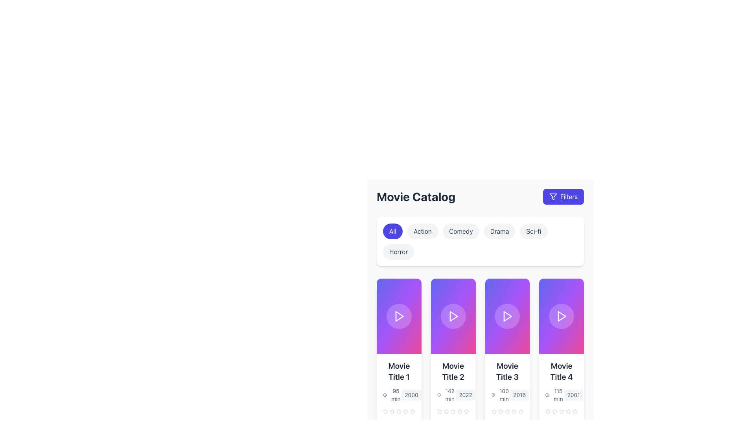 The height and width of the screenshot is (425, 755). Describe the element at coordinates (493, 395) in the screenshot. I see `the time icon located to the left of the '100 min' text in the third movie card in the grid layout` at that location.